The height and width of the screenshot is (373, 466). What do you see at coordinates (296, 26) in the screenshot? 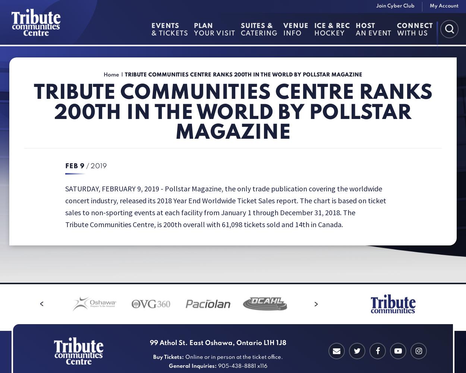
I see `'Venue'` at bounding box center [296, 26].